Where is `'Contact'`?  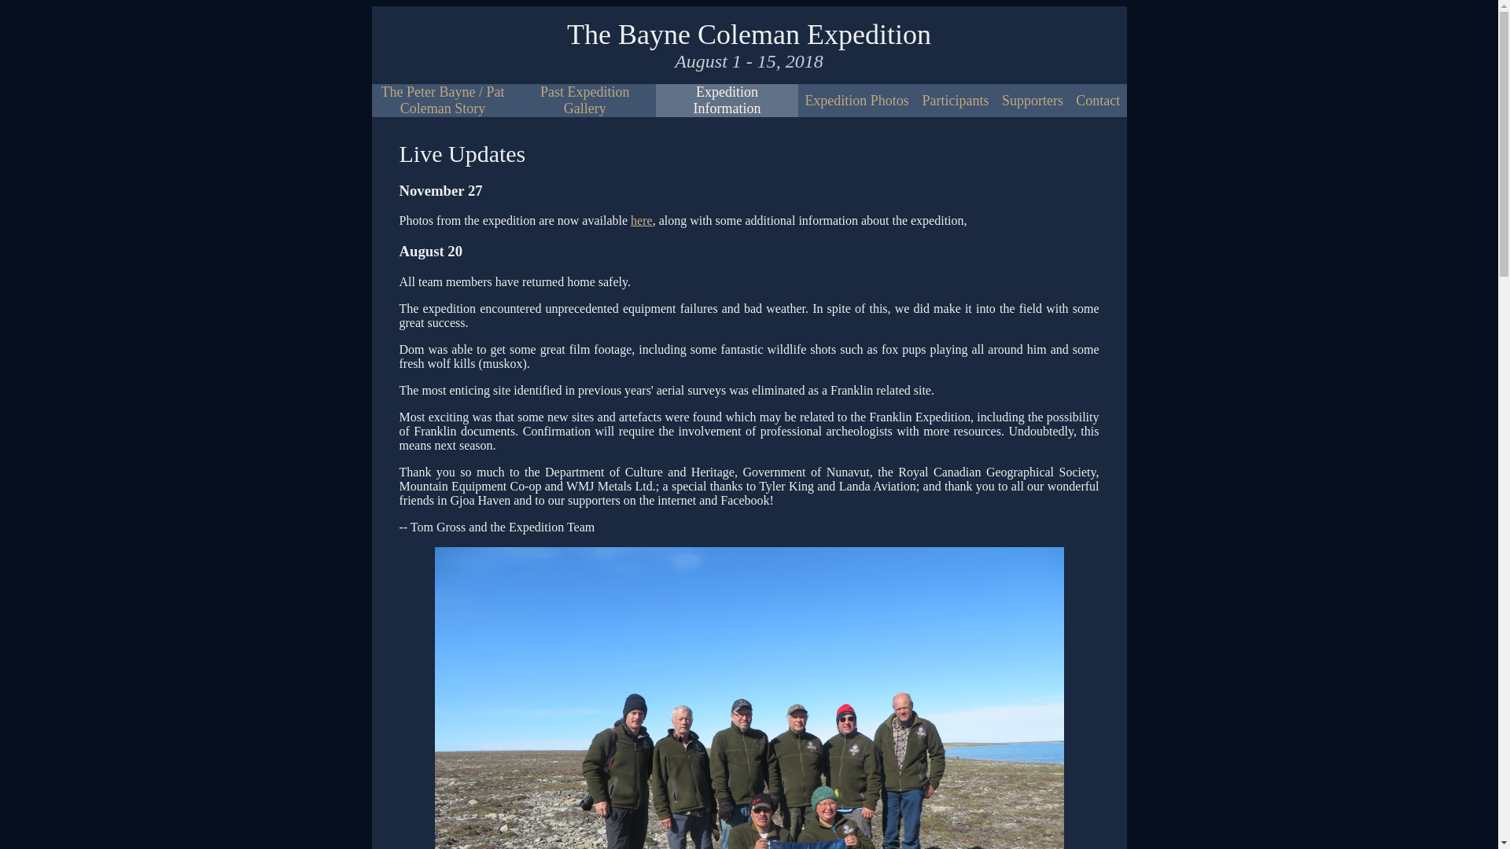
'Contact' is located at coordinates (1097, 101).